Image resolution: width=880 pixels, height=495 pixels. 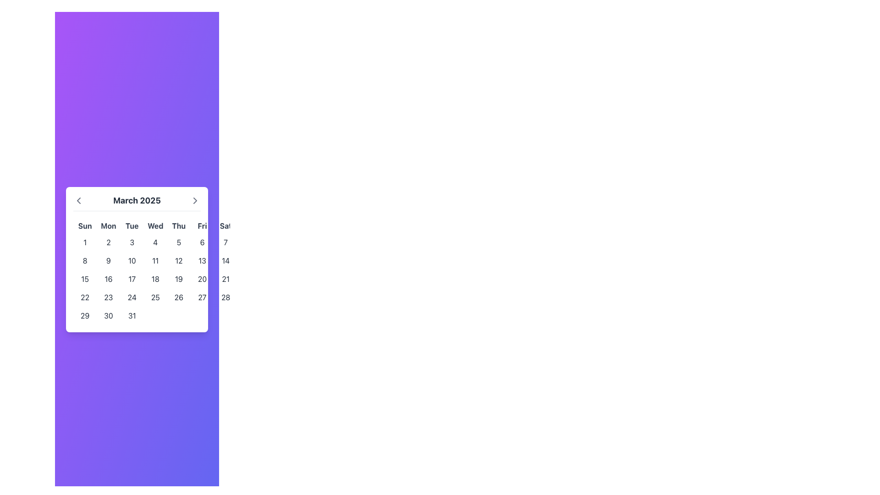 I want to click on the clickable date entry displaying the number '19' in the calendar view, so click(x=179, y=278).